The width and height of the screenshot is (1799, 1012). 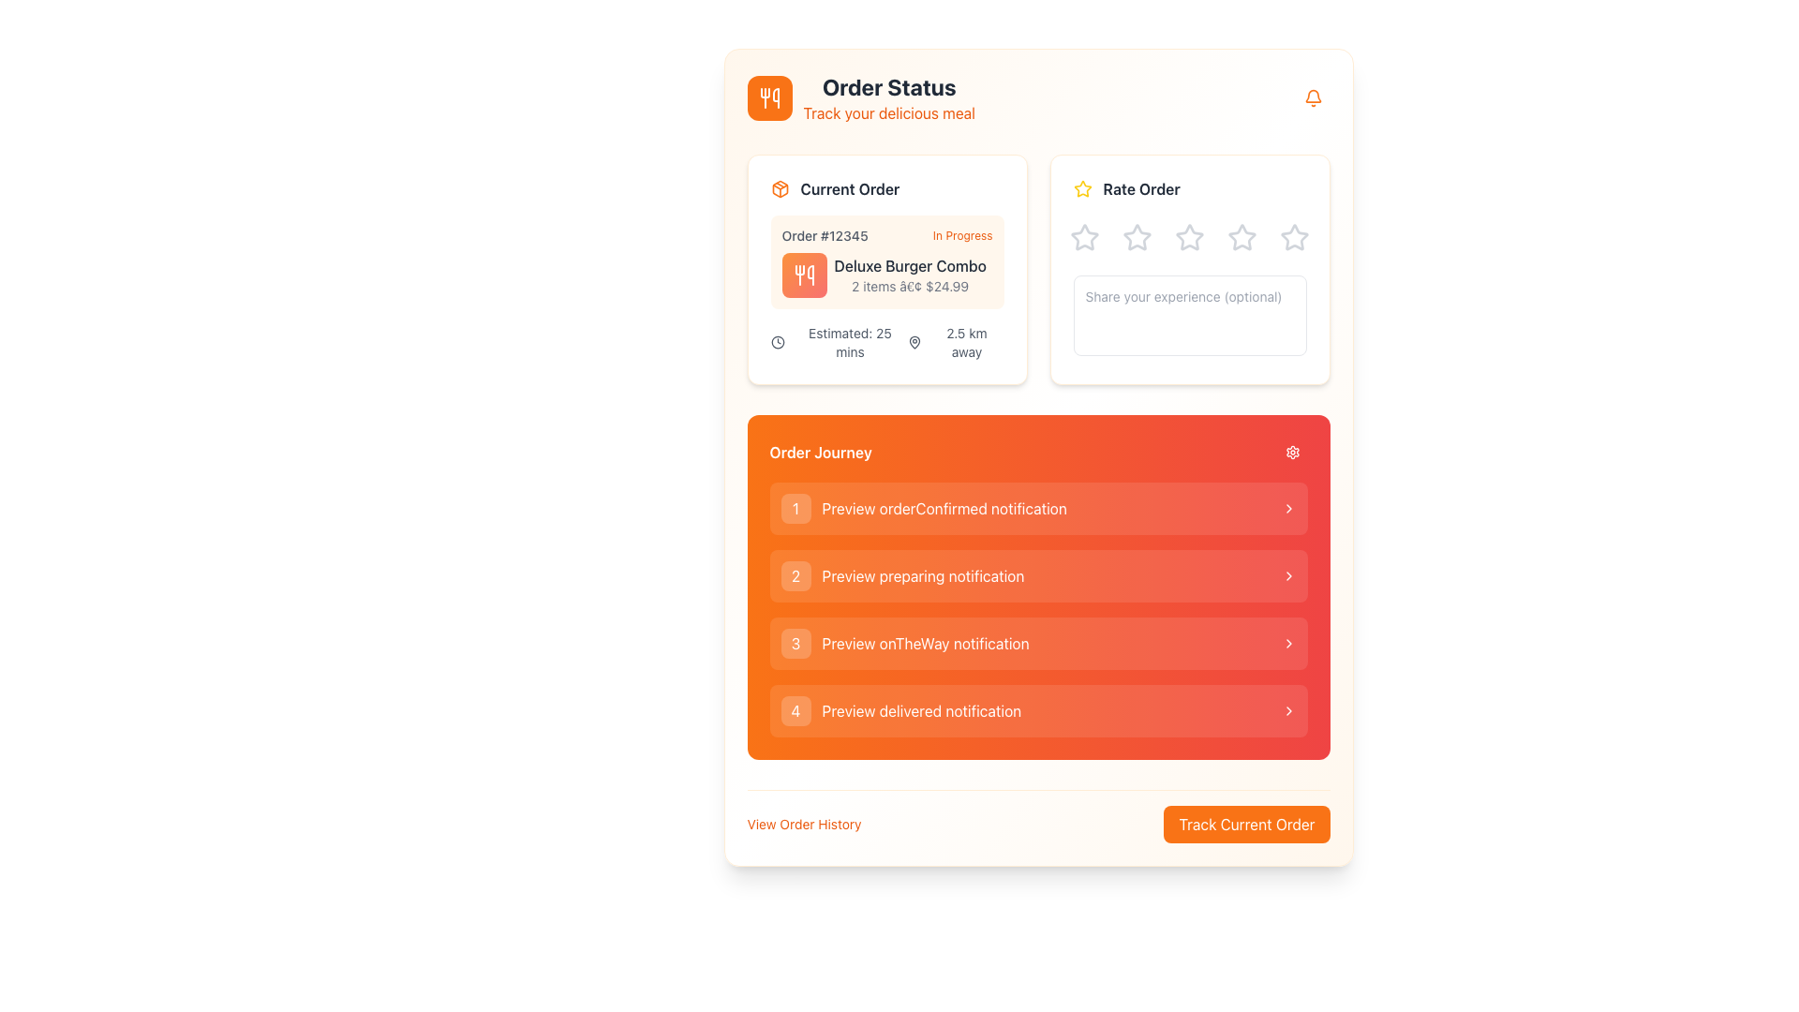 What do you see at coordinates (765, 93) in the screenshot?
I see `the decorative food icon located at the top-left corner of the interface, which enhances the user recognition and is associated with the 'Order Status' header` at bounding box center [765, 93].